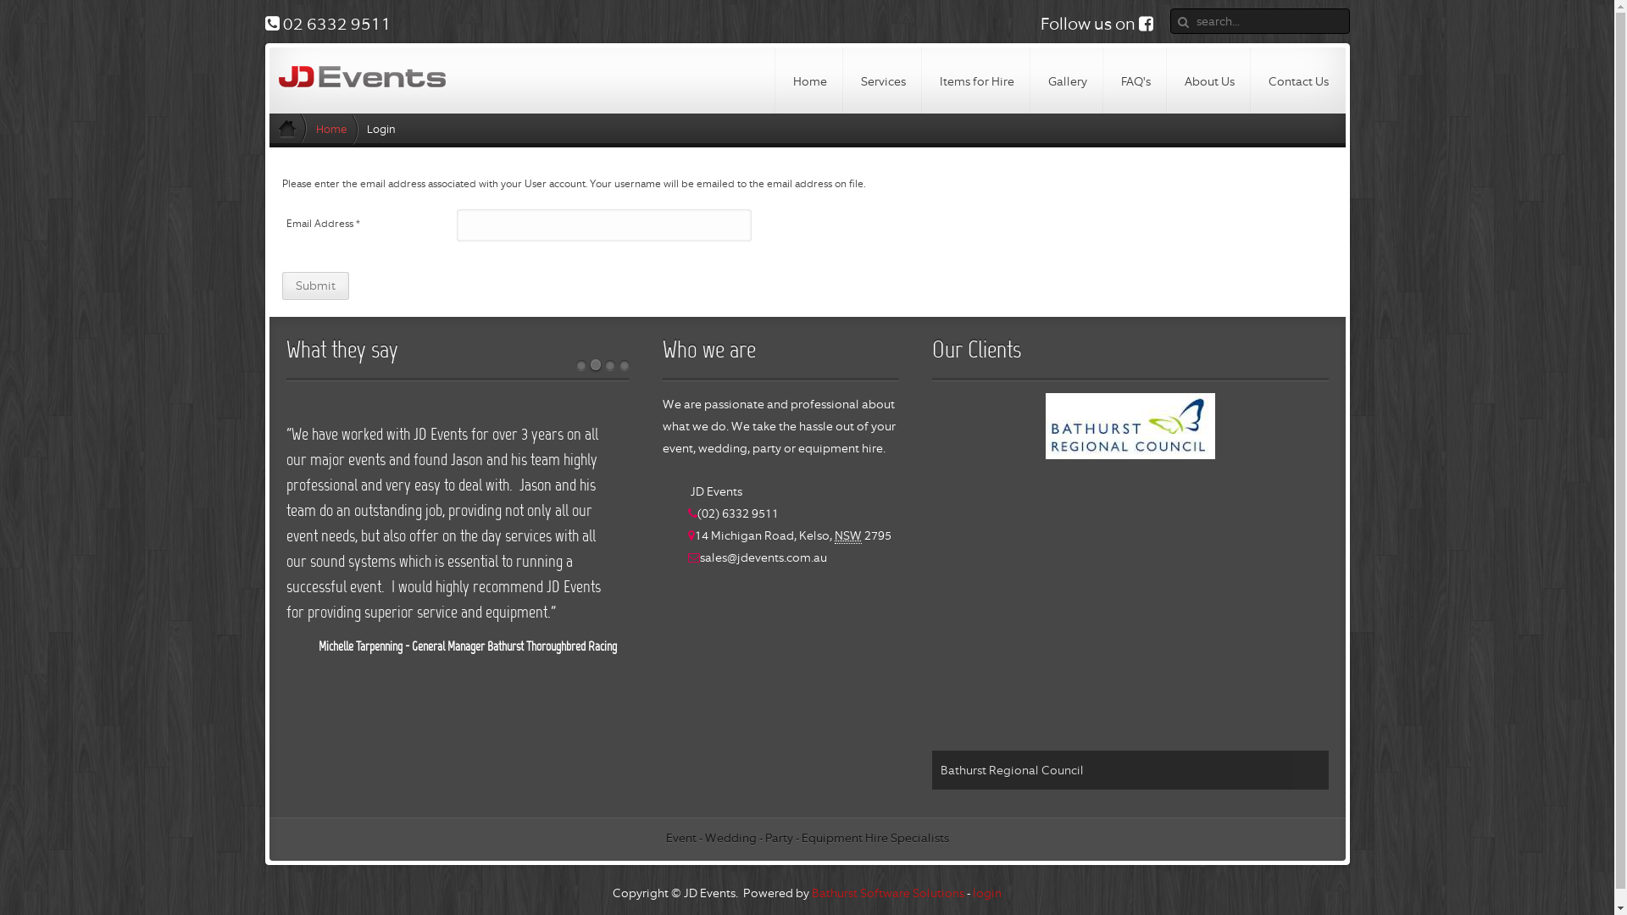 This screenshot has height=915, width=1627. I want to click on 'Home', so click(808, 80).